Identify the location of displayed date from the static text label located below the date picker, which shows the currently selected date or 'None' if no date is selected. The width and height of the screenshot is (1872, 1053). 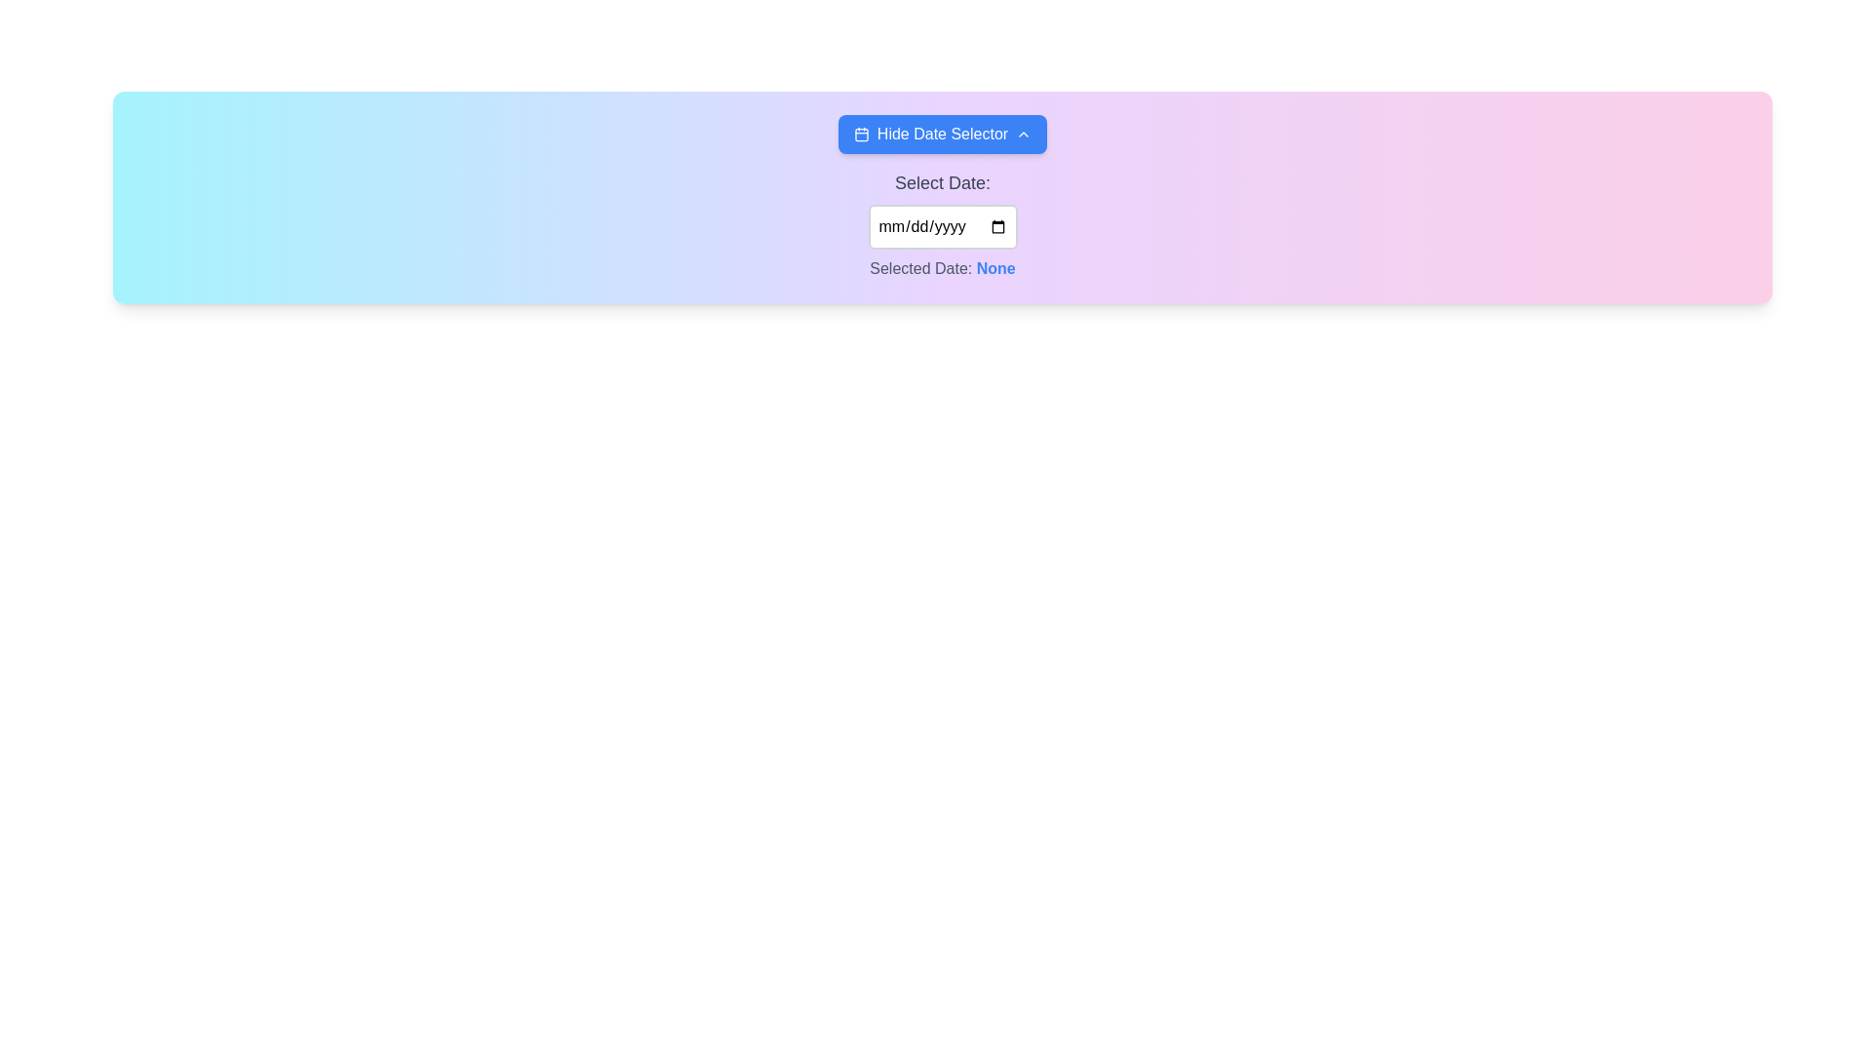
(942, 269).